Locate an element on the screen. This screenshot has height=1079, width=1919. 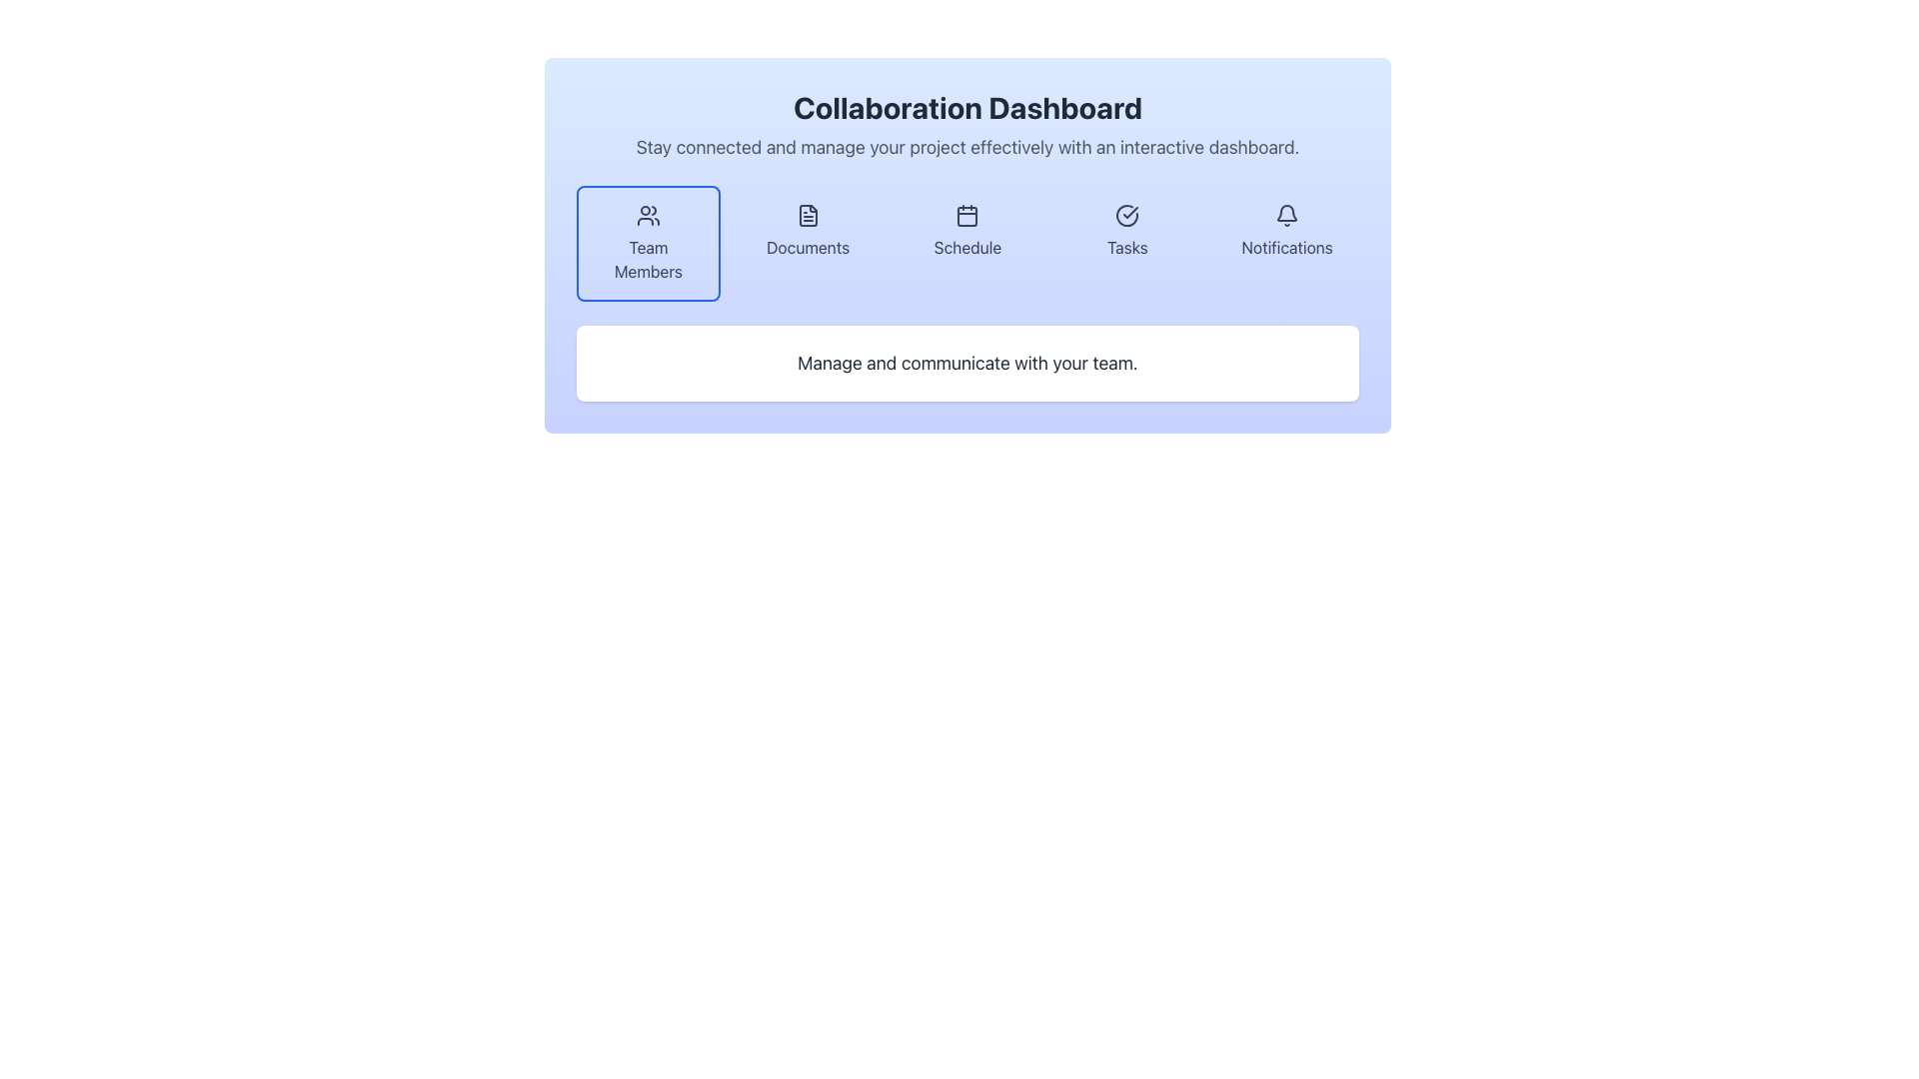
visual information from the checkmark icon component located in the center of the 'Tasks' section circle icon on the dashboard interface is located at coordinates (1130, 212).